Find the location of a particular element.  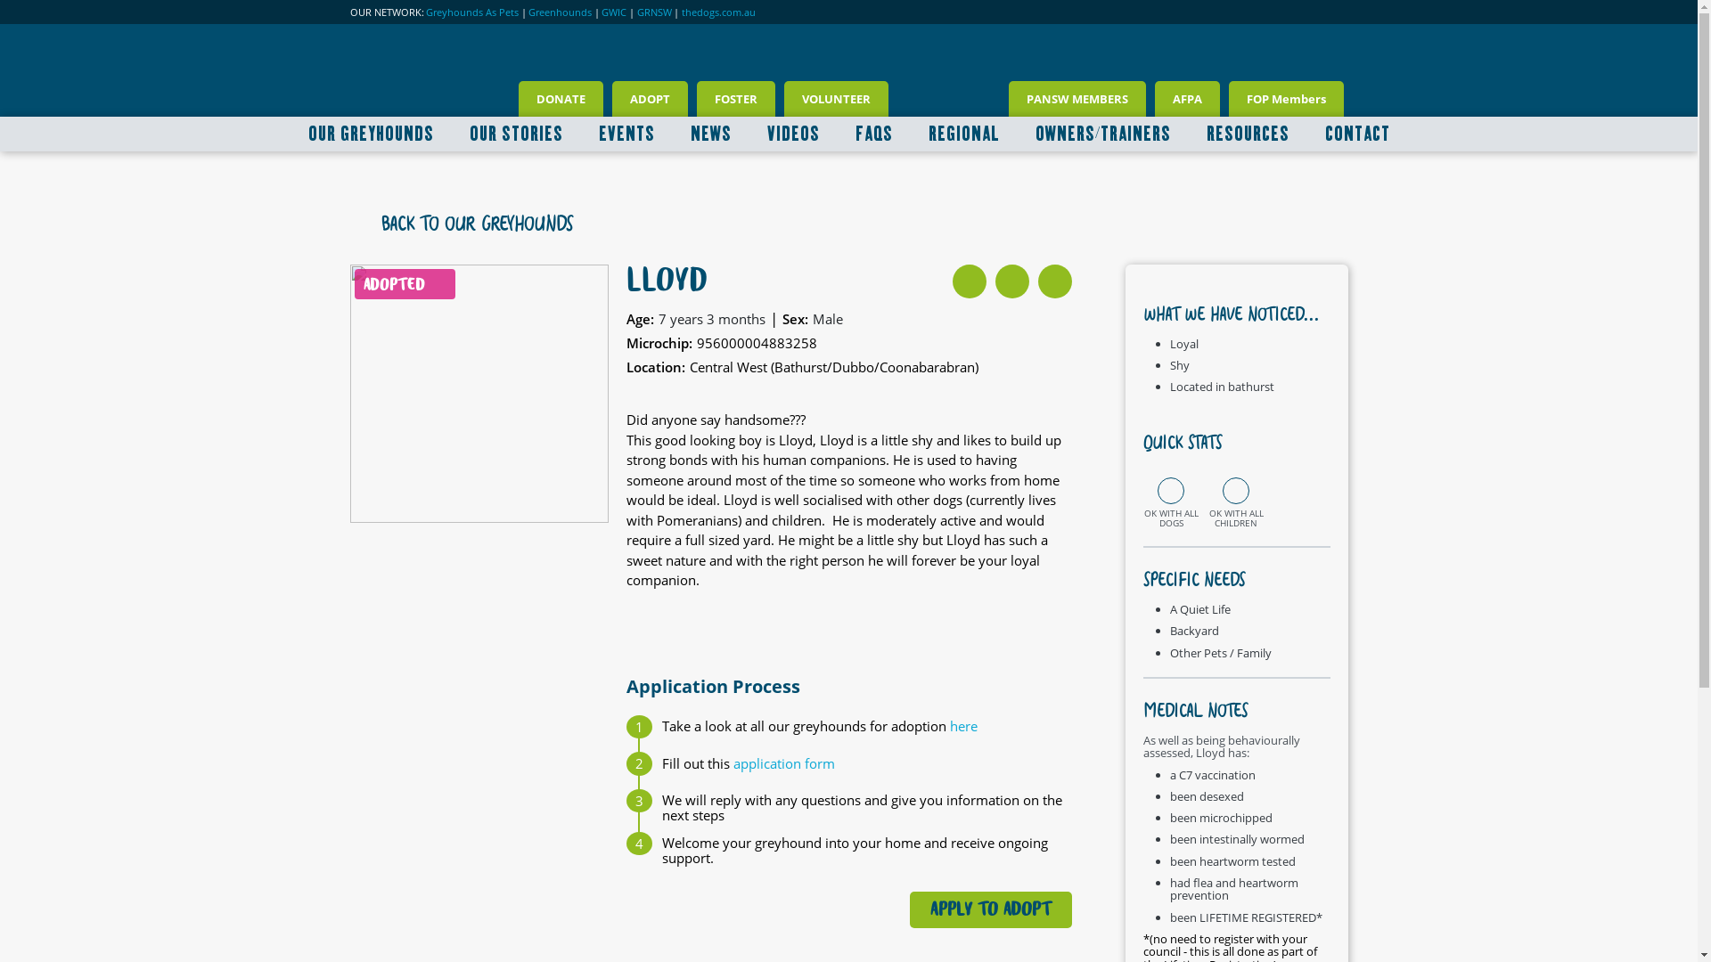

'GWIC' is located at coordinates (614, 12).